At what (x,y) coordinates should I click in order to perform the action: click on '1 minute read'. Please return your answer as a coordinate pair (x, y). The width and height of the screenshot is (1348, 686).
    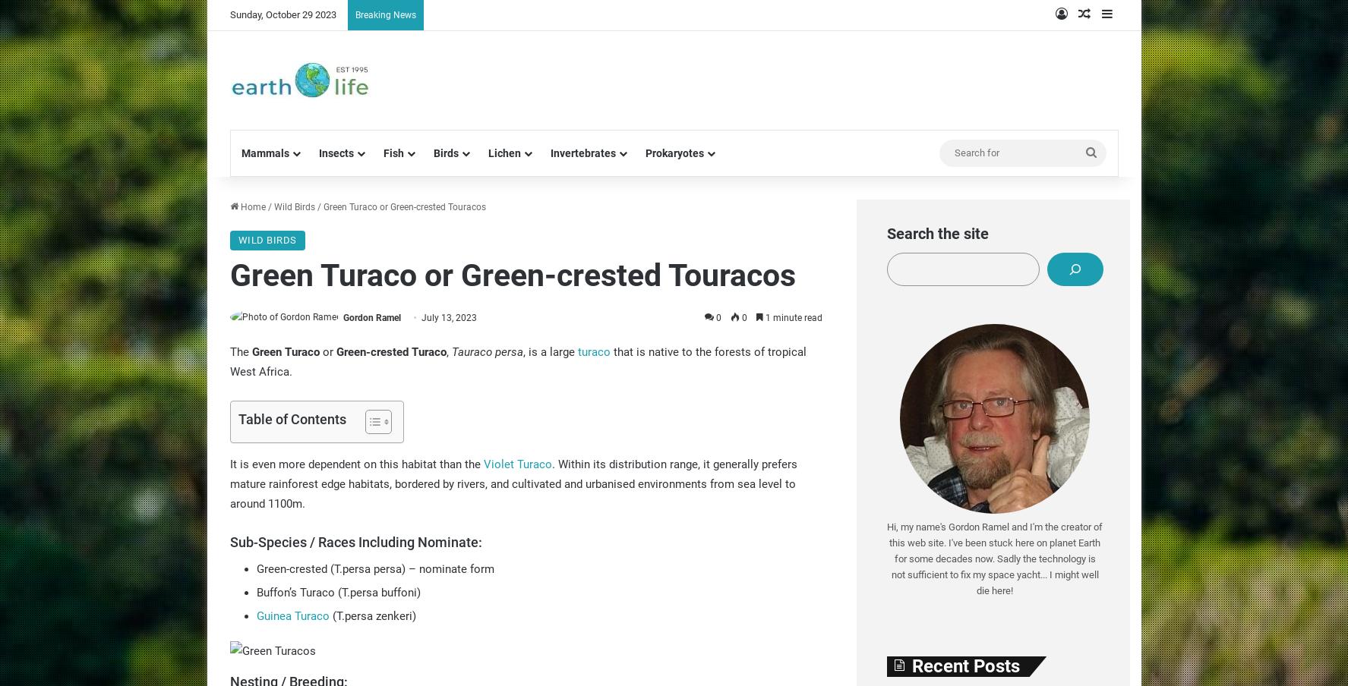
    Looking at the image, I should click on (791, 318).